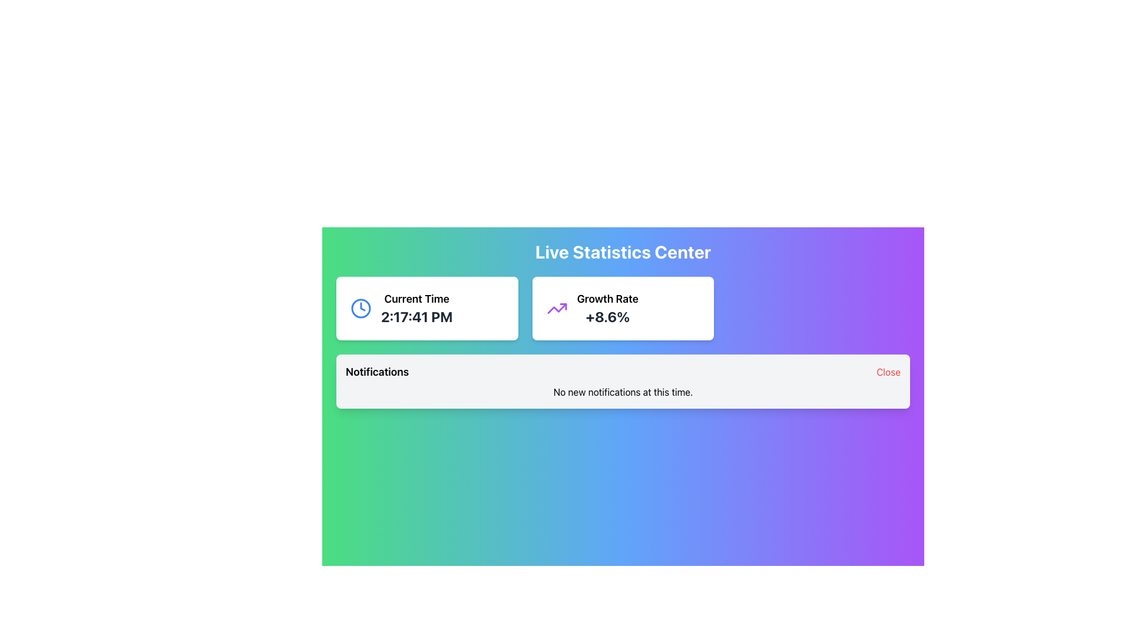 This screenshot has width=1131, height=636. Describe the element at coordinates (888, 372) in the screenshot. I see `the red 'Close' text button located at the far right end of the notification panel` at that location.